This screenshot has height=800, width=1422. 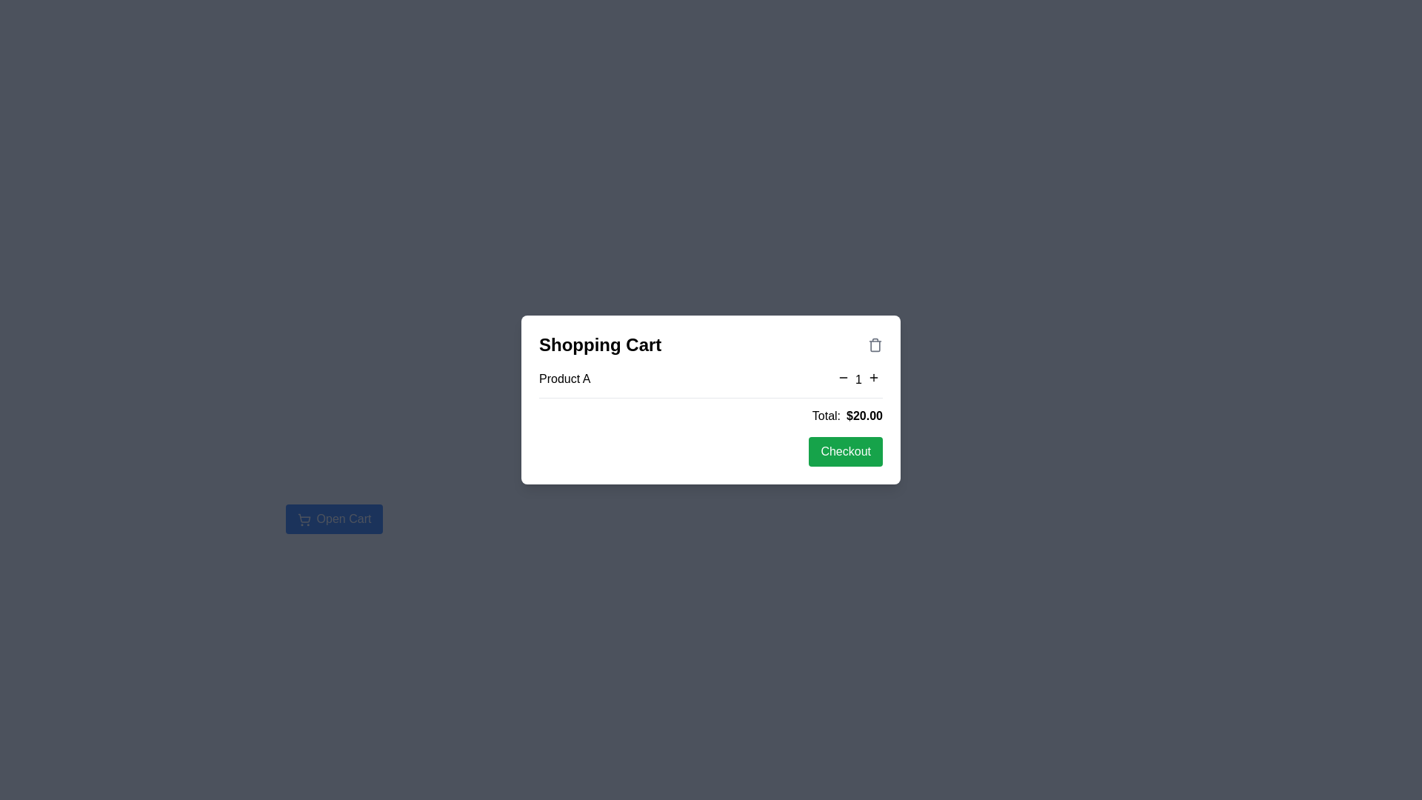 What do you see at coordinates (858, 379) in the screenshot?
I see `the label displaying the text '1' in the shopping cart interface, which is centrally placed between the minus and plus buttons` at bounding box center [858, 379].